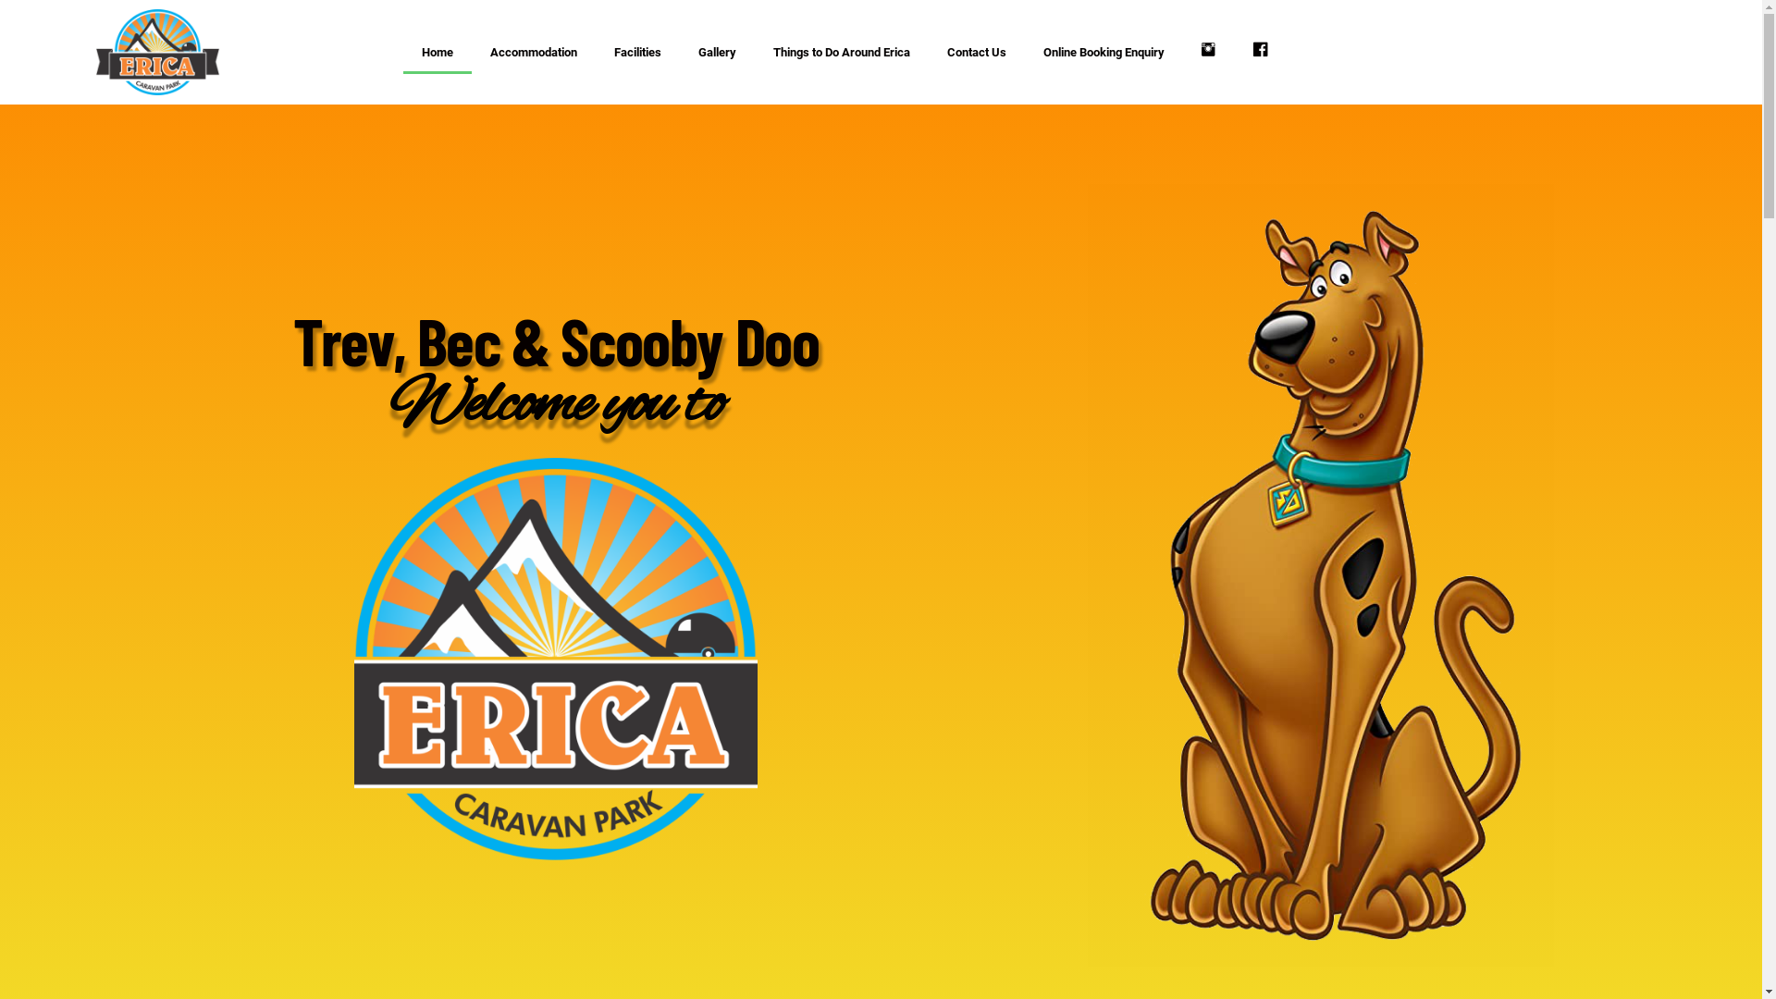  What do you see at coordinates (532, 52) in the screenshot?
I see `'Accommodation'` at bounding box center [532, 52].